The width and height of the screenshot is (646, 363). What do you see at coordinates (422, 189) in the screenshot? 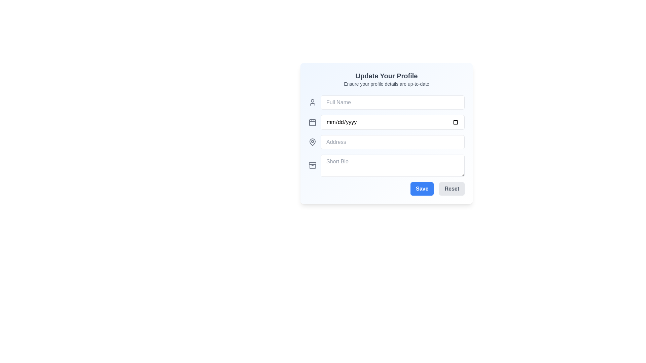
I see `the submit button located` at bounding box center [422, 189].